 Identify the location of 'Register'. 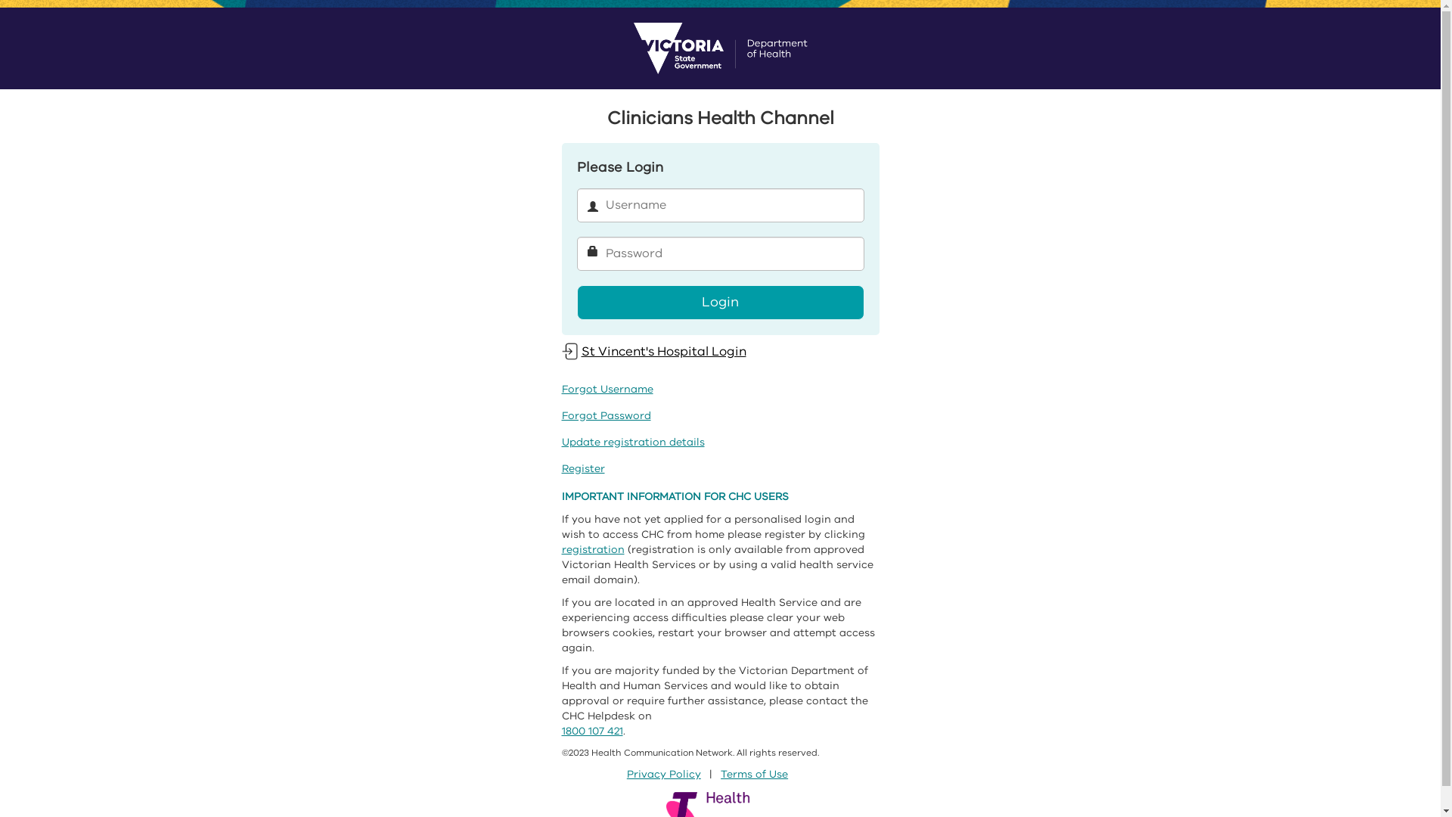
(582, 468).